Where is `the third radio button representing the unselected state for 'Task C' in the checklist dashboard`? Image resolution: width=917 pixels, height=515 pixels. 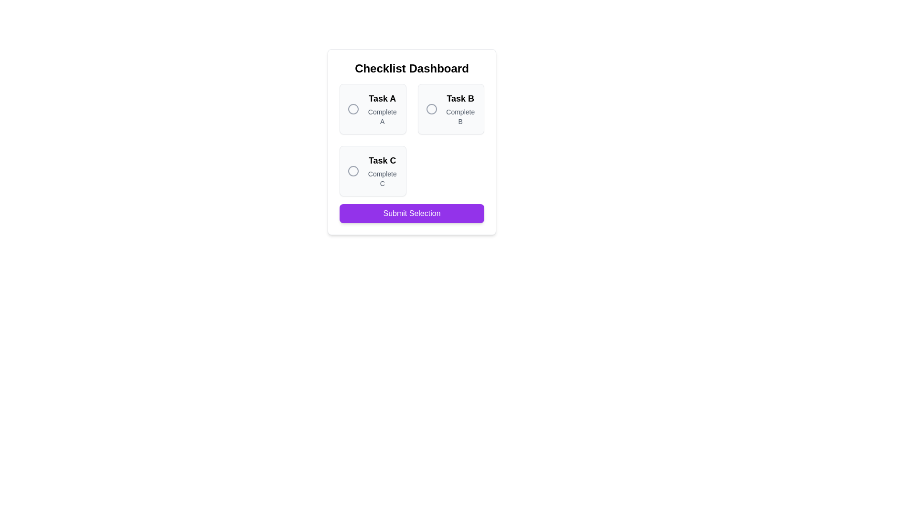 the third radio button representing the unselected state for 'Task C' in the checklist dashboard is located at coordinates (352, 170).